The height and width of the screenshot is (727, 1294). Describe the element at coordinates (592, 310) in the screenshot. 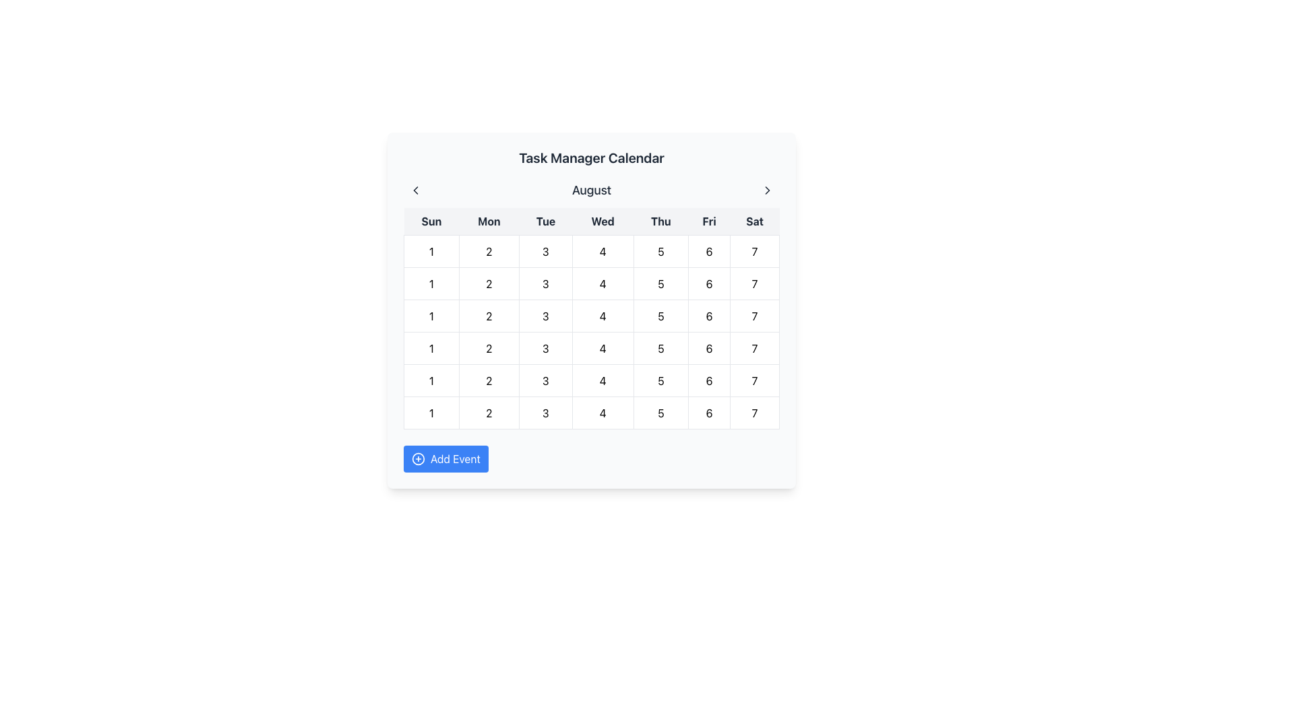

I see `a date in the 'Task Manager Calendar'` at that location.